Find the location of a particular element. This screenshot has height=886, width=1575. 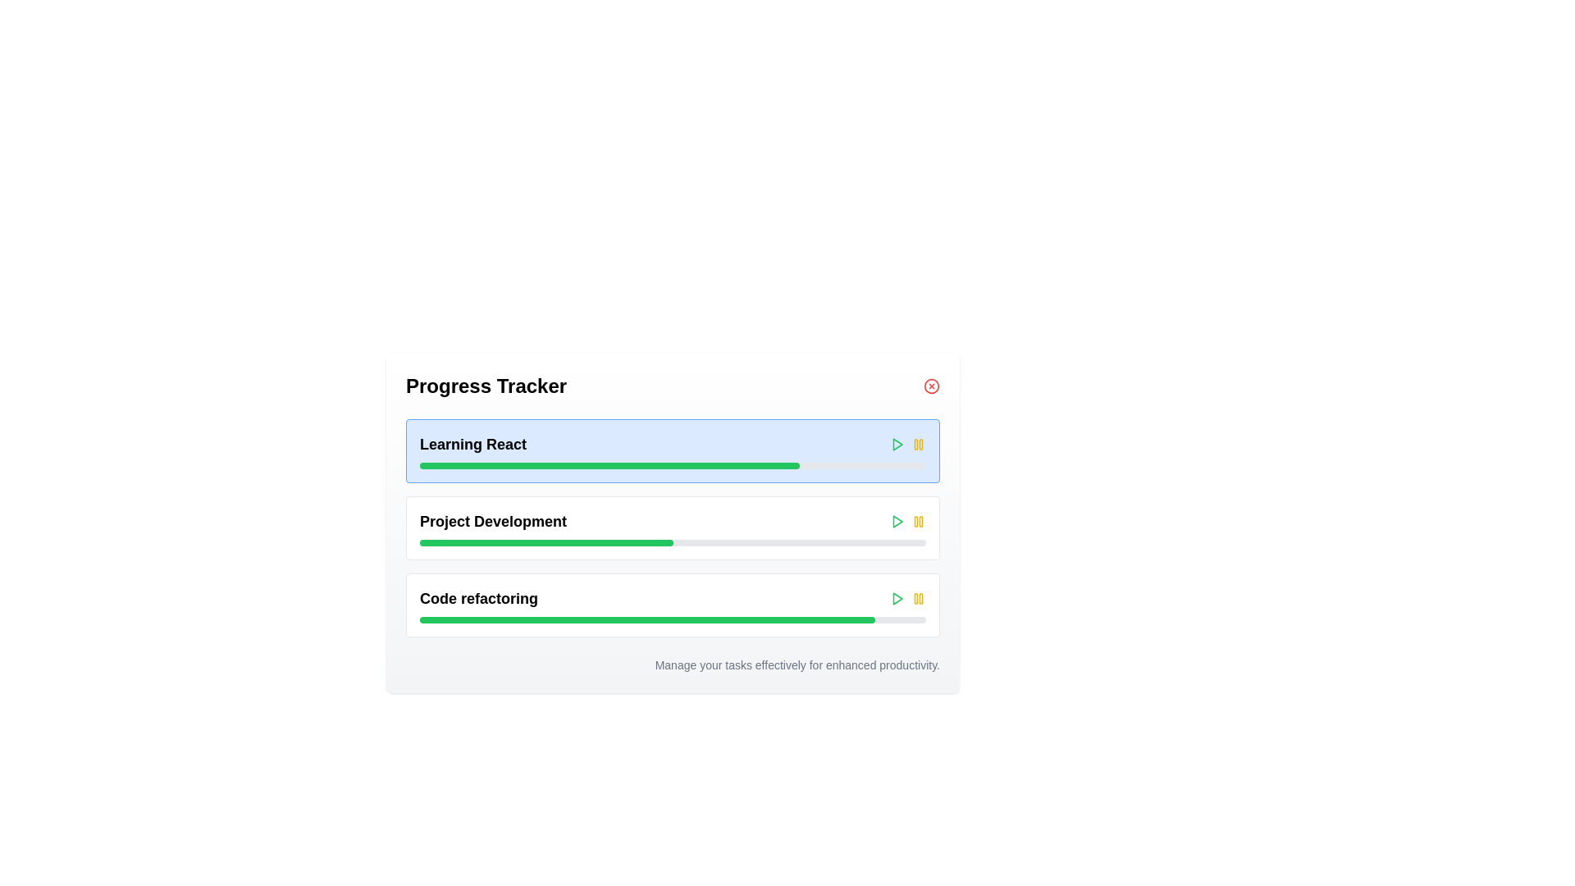

the yellow pause button with two vertical bars located at the far right of the 'Code refactoring' progress bar is located at coordinates (917, 598).